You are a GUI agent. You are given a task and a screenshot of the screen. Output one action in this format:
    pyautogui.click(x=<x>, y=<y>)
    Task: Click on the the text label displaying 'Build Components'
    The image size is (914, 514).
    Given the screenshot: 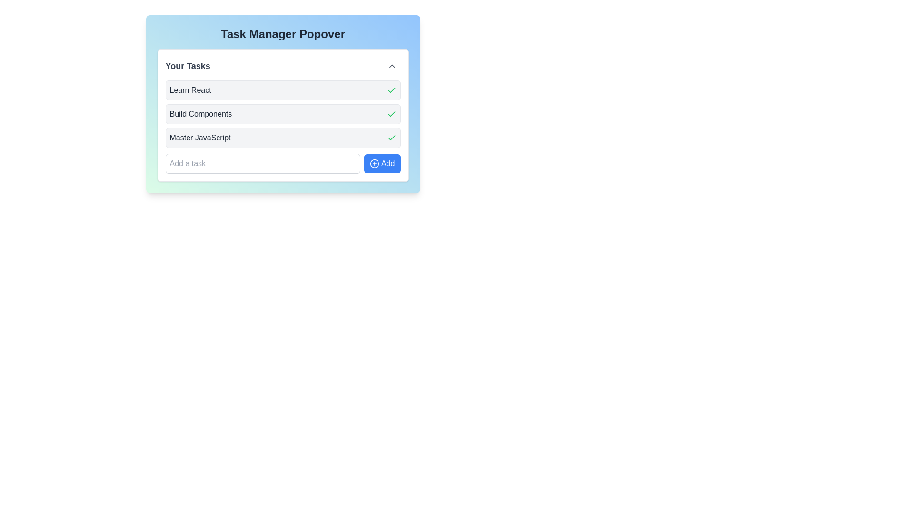 What is the action you would take?
    pyautogui.click(x=200, y=113)
    